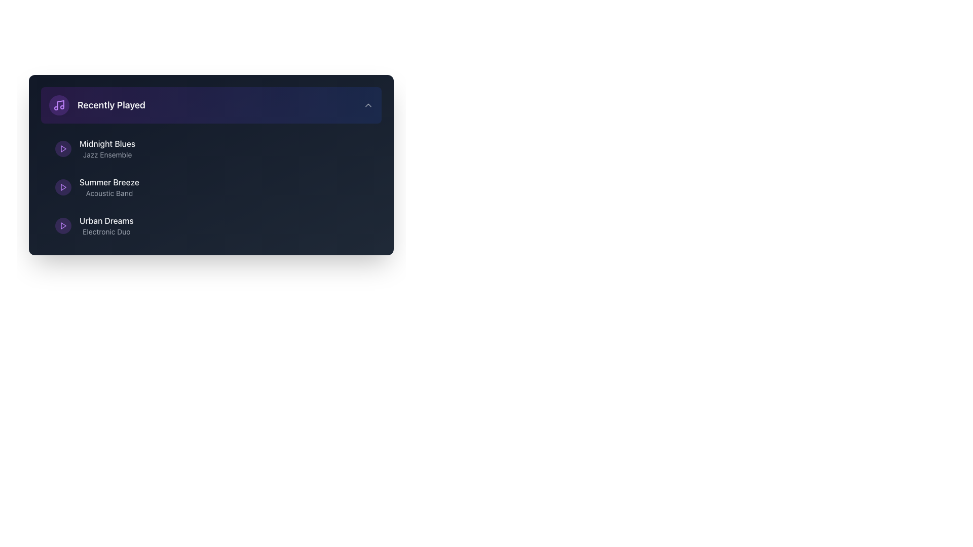 This screenshot has height=547, width=973. Describe the element at coordinates (215, 187) in the screenshot. I see `on the 'Summer Breeze' track entry item, which is the second item in the vertically stacked music list` at that location.